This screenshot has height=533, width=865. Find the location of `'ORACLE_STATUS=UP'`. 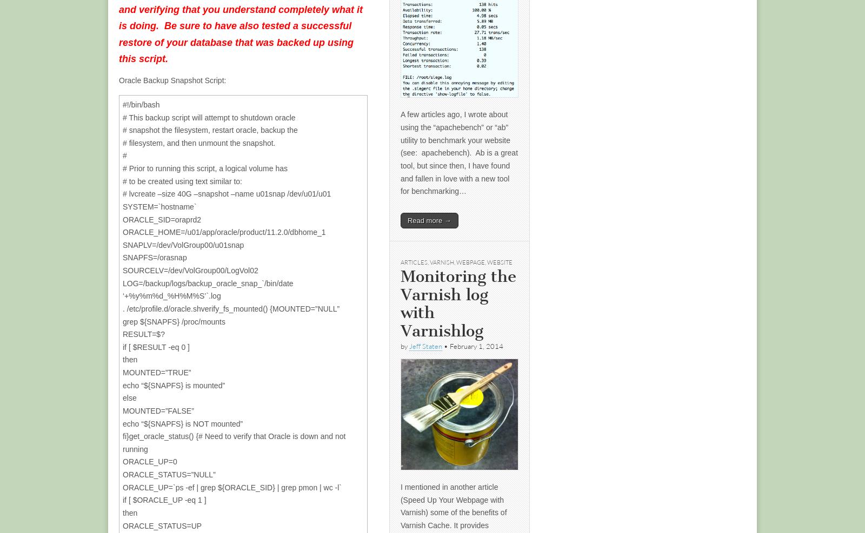

'ORACLE_STATUS=UP' is located at coordinates (162, 525).